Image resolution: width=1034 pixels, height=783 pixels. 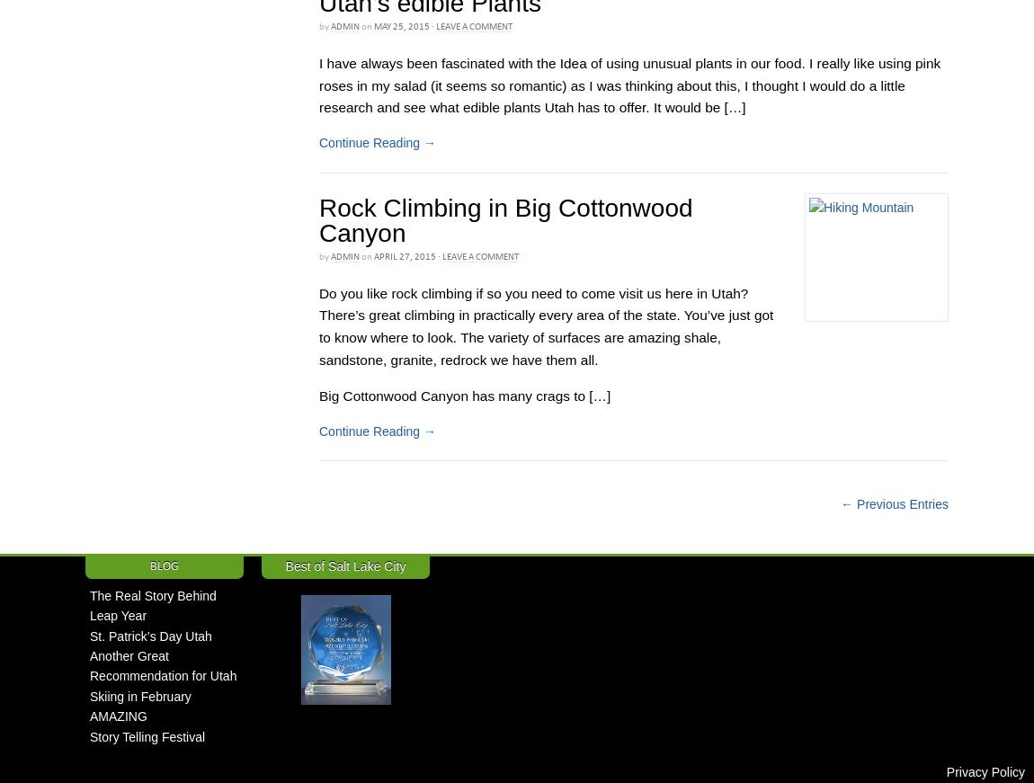 What do you see at coordinates (402, 25) in the screenshot?
I see `'May 25, 2015'` at bounding box center [402, 25].